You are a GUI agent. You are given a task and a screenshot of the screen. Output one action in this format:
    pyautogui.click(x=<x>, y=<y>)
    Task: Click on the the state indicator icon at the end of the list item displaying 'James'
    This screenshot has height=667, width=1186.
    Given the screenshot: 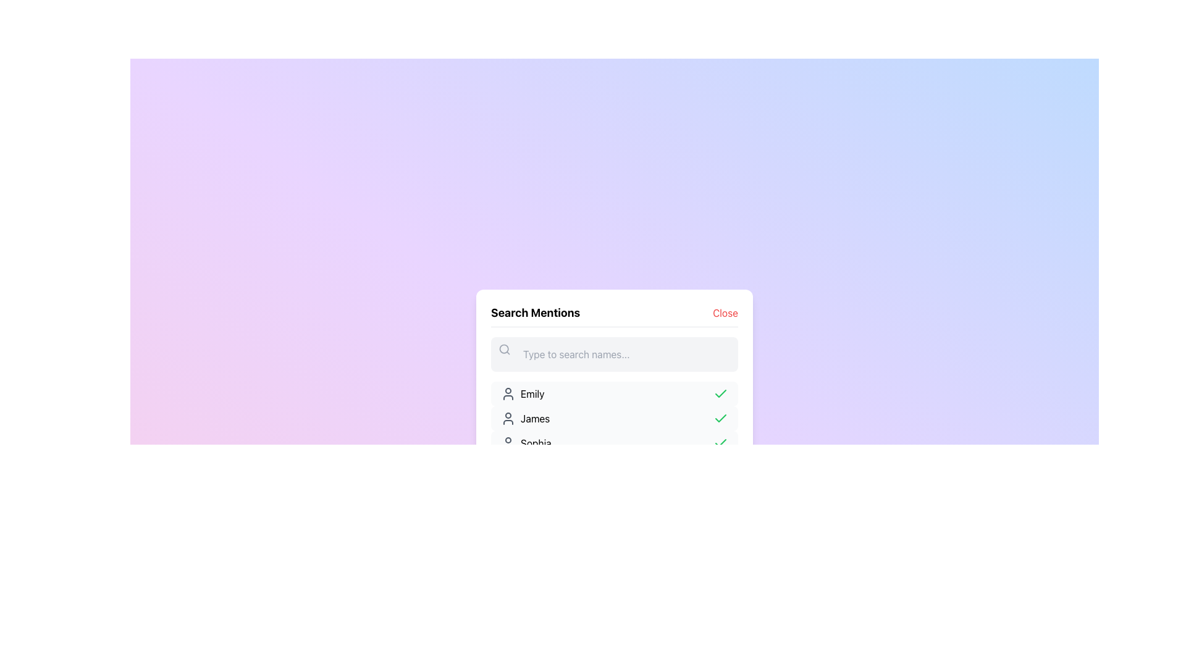 What is the action you would take?
    pyautogui.click(x=720, y=417)
    